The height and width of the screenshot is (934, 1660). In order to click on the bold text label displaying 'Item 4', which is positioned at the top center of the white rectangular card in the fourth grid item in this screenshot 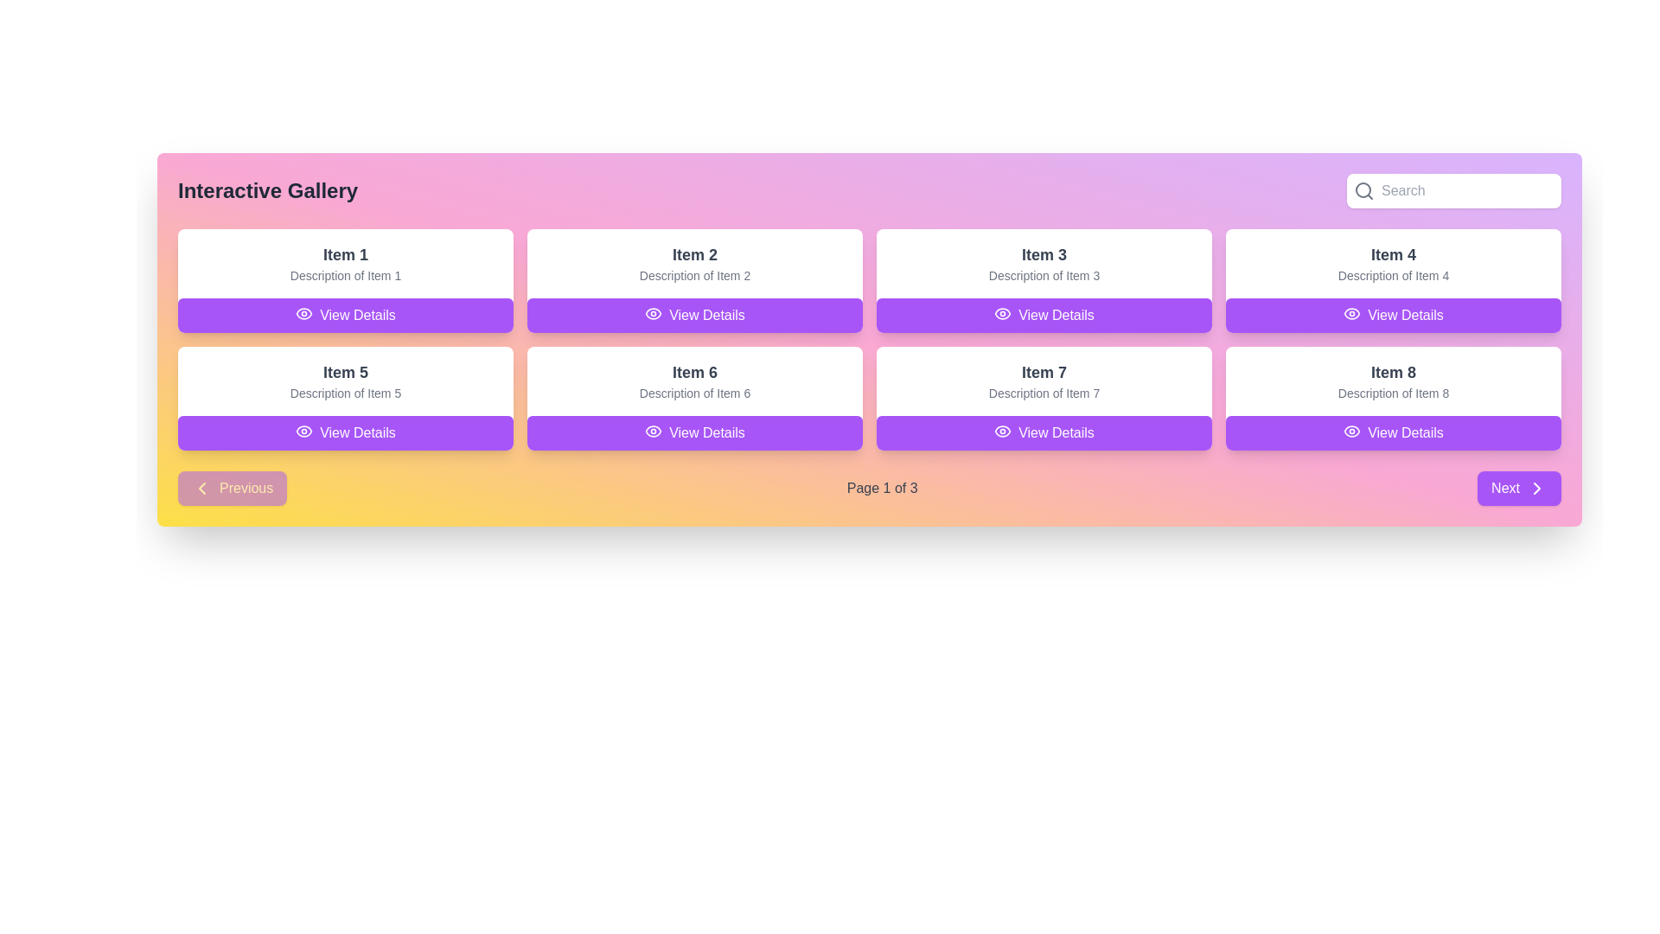, I will do `click(1394, 254)`.